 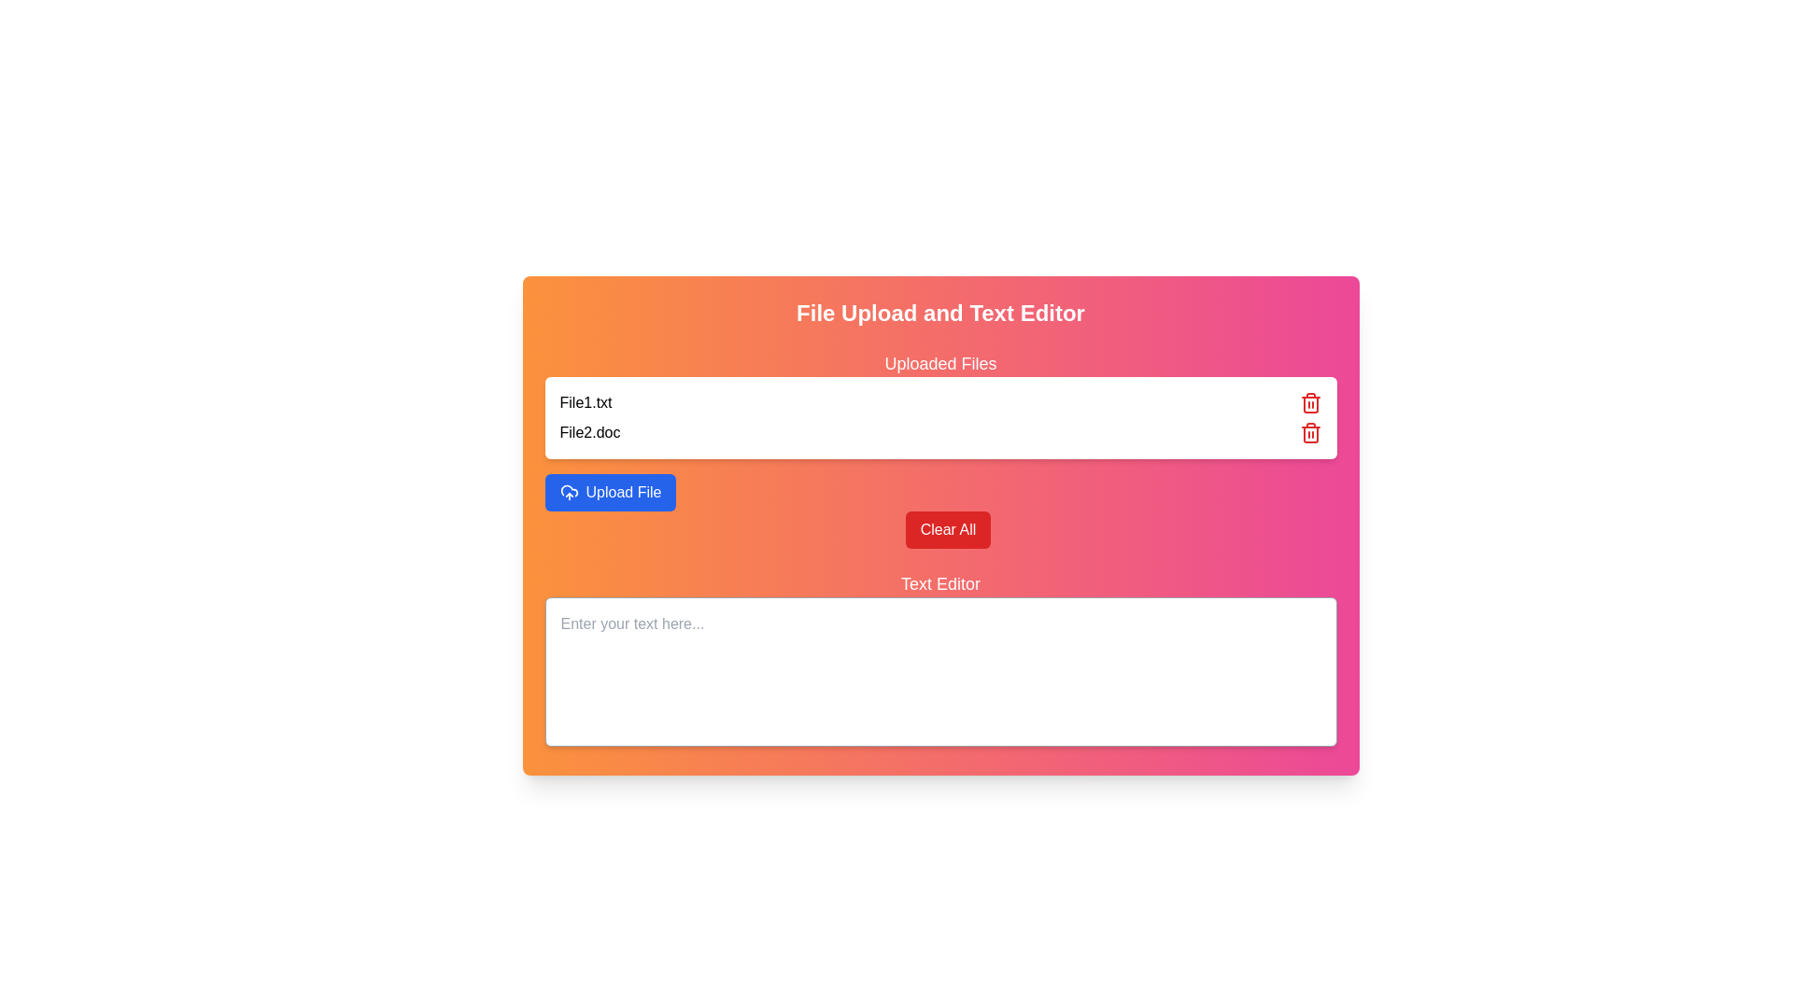 What do you see at coordinates (623, 492) in the screenshot?
I see `the 'Upload File' button to observe its hover effects, as indicated by the text label describing the upload action` at bounding box center [623, 492].